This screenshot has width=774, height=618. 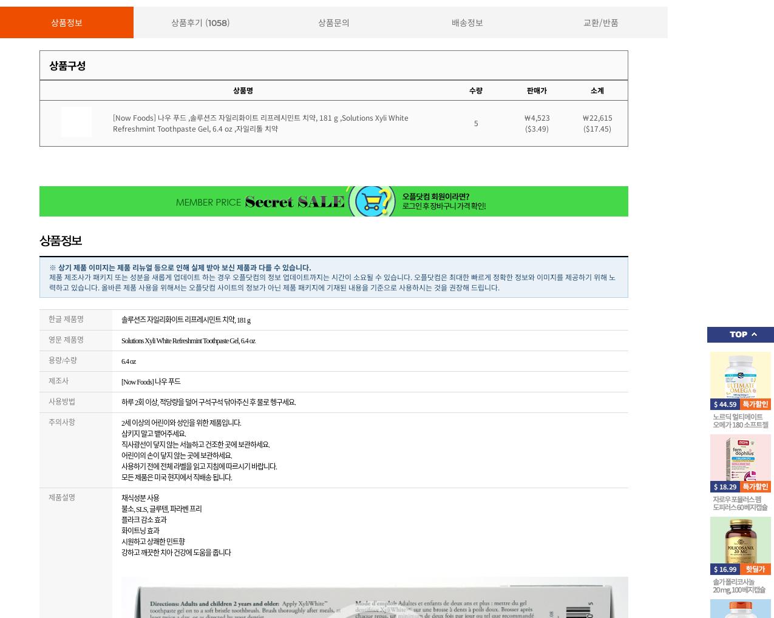 I want to click on '￦4,523', so click(x=523, y=116).